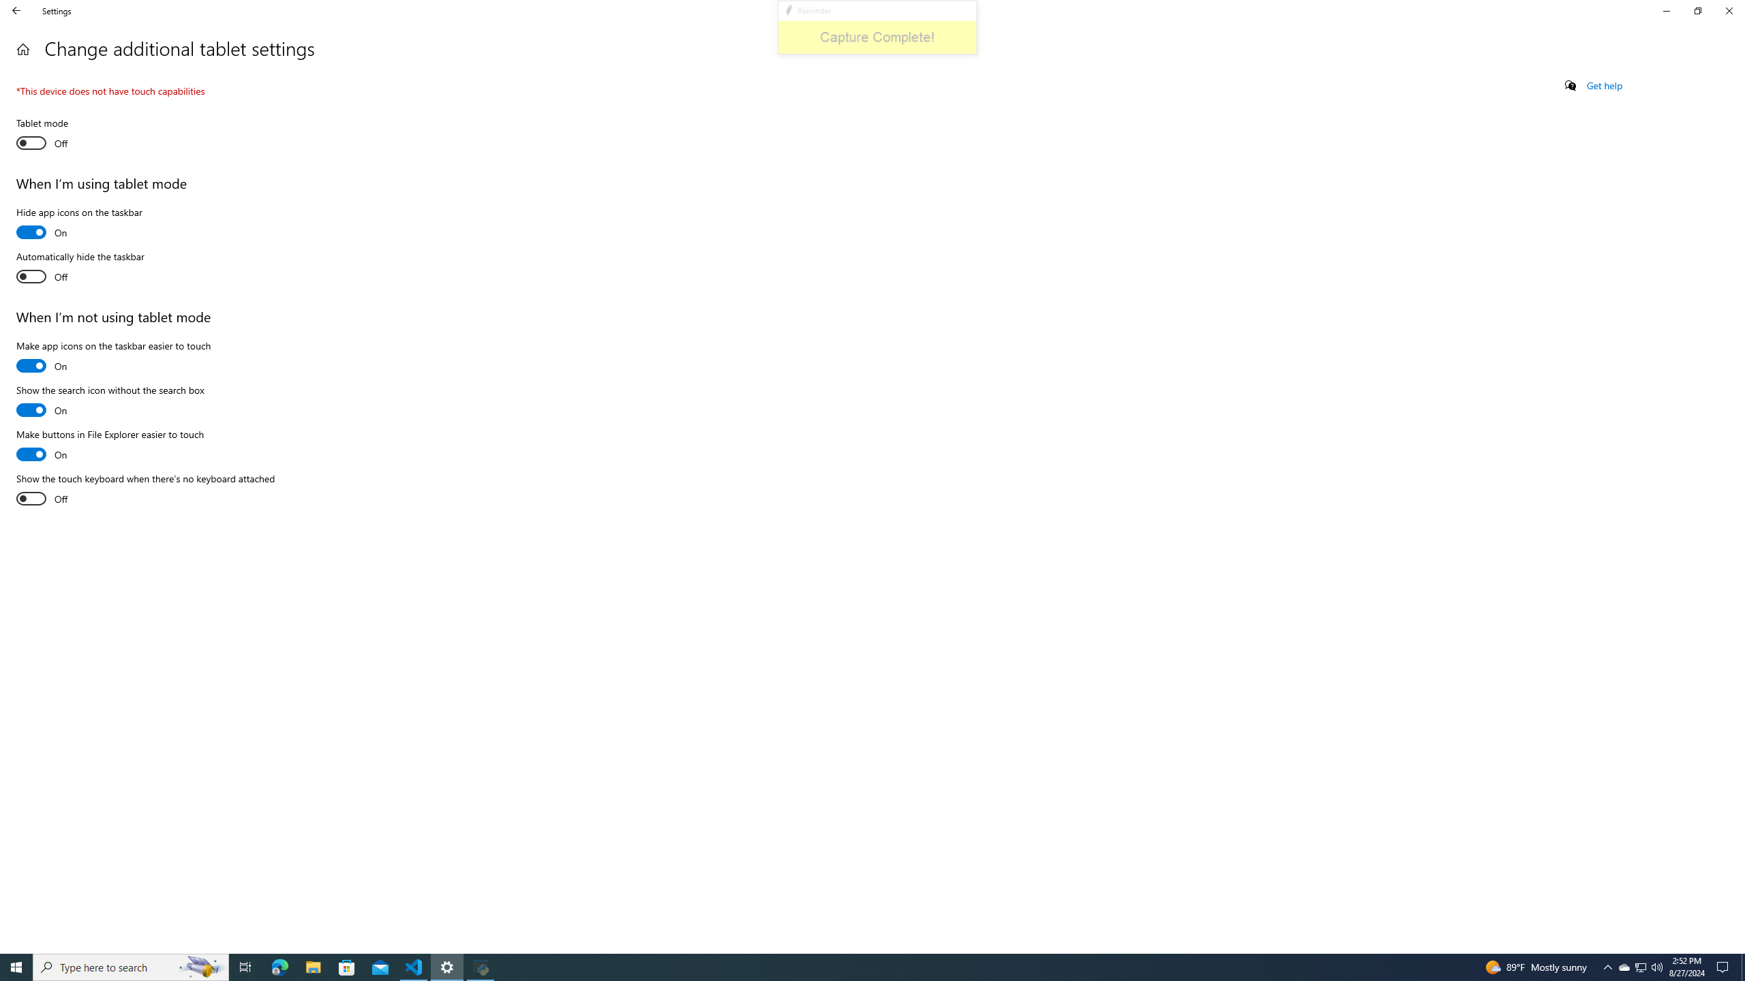  Describe the element at coordinates (22, 49) in the screenshot. I see `'Home'` at that location.